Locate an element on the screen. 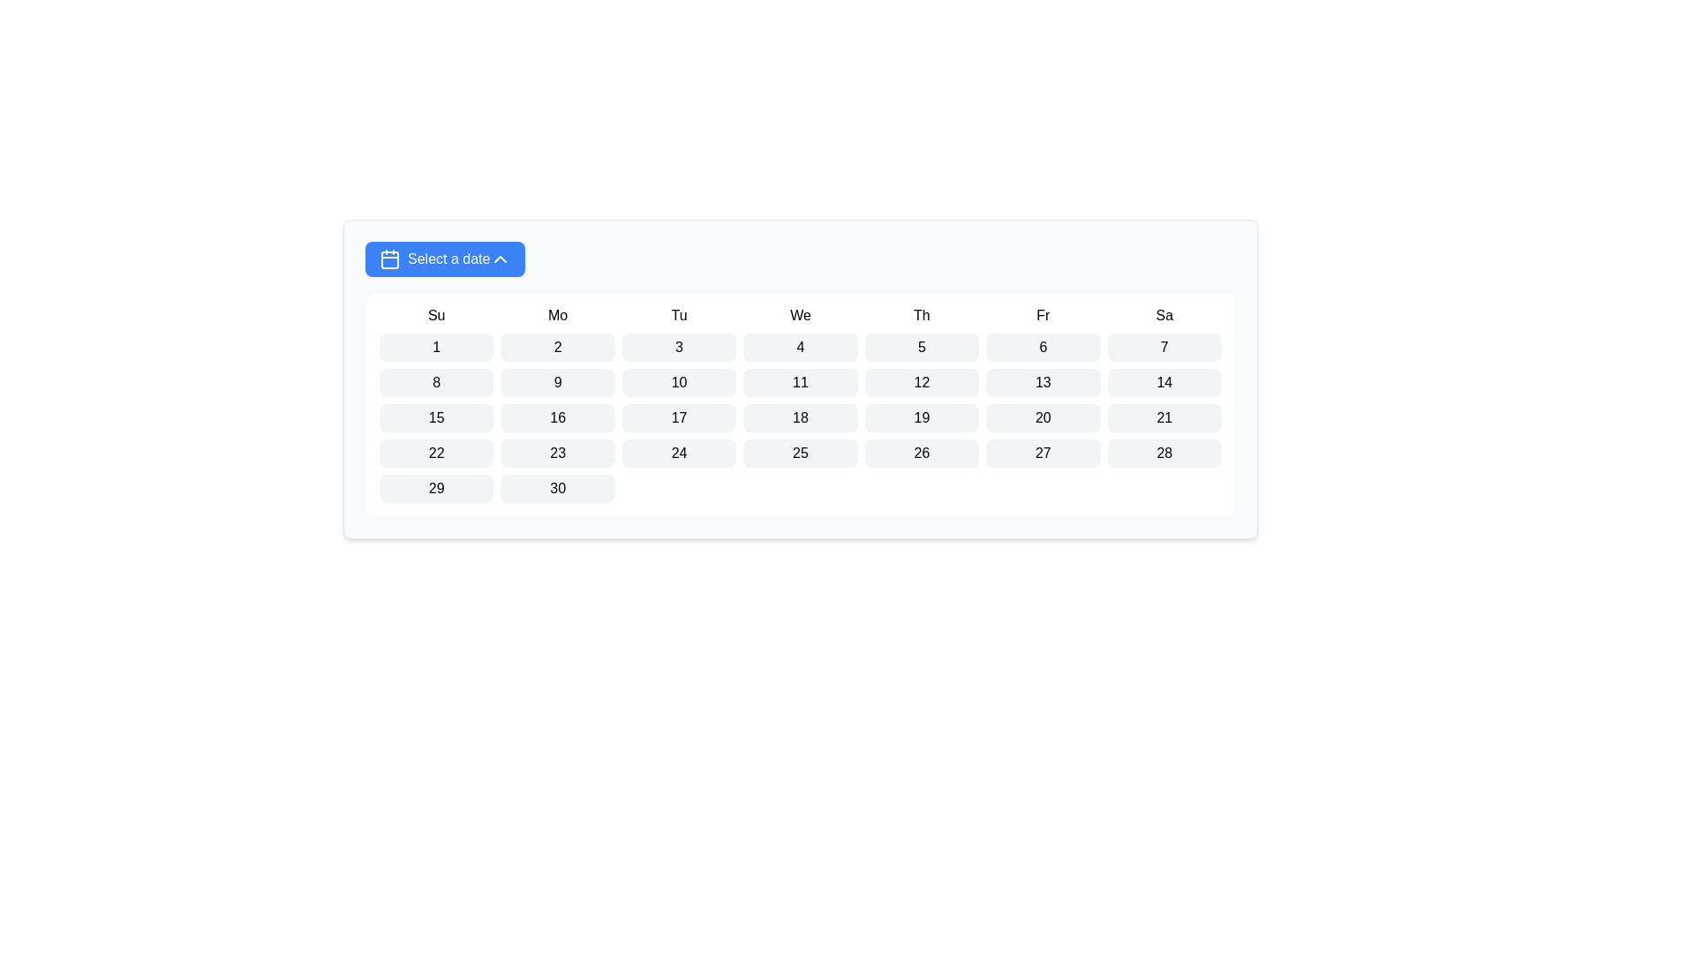 The width and height of the screenshot is (1695, 953). the rectangular button with rounded corners, displaying the number '15', located in the fourth row, first column of a calendar grid, to observe the hover effect is located at coordinates (436, 418).